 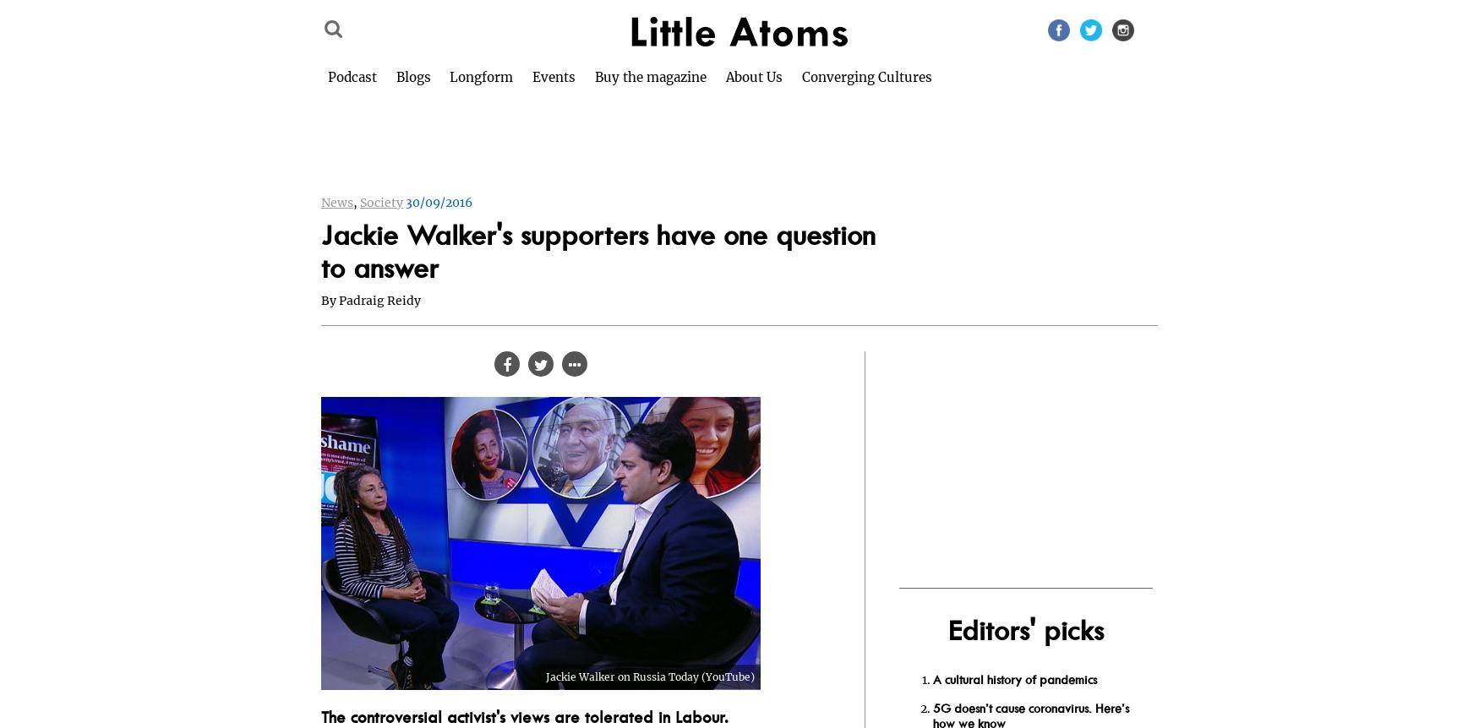 What do you see at coordinates (329, 302) in the screenshot?
I see `'By'` at bounding box center [329, 302].